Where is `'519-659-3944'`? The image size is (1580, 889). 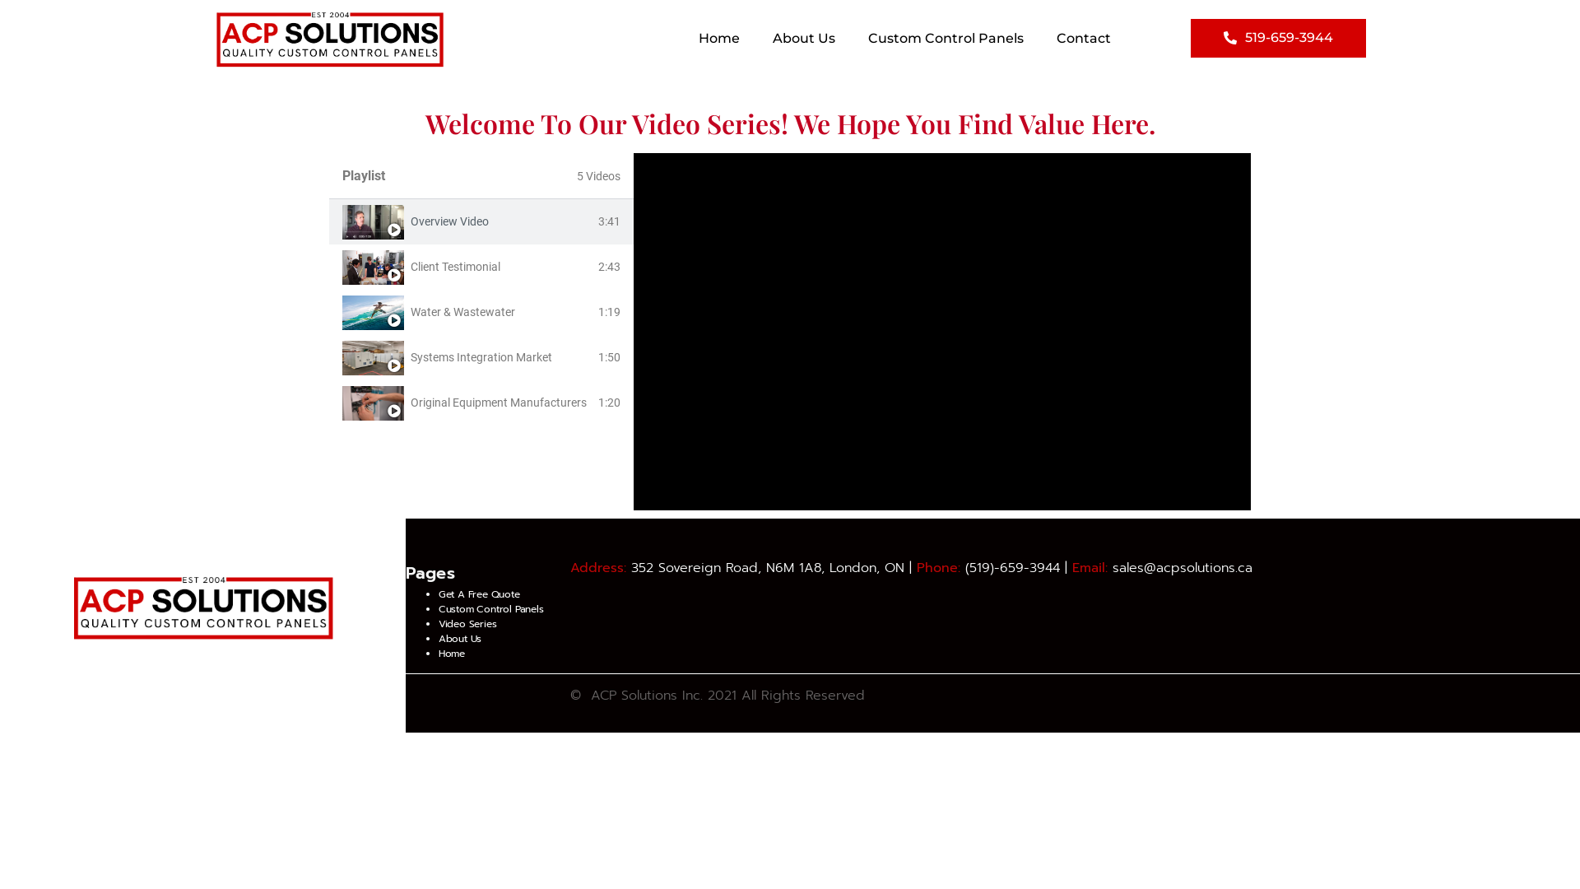 '519-659-3944' is located at coordinates (1277, 37).